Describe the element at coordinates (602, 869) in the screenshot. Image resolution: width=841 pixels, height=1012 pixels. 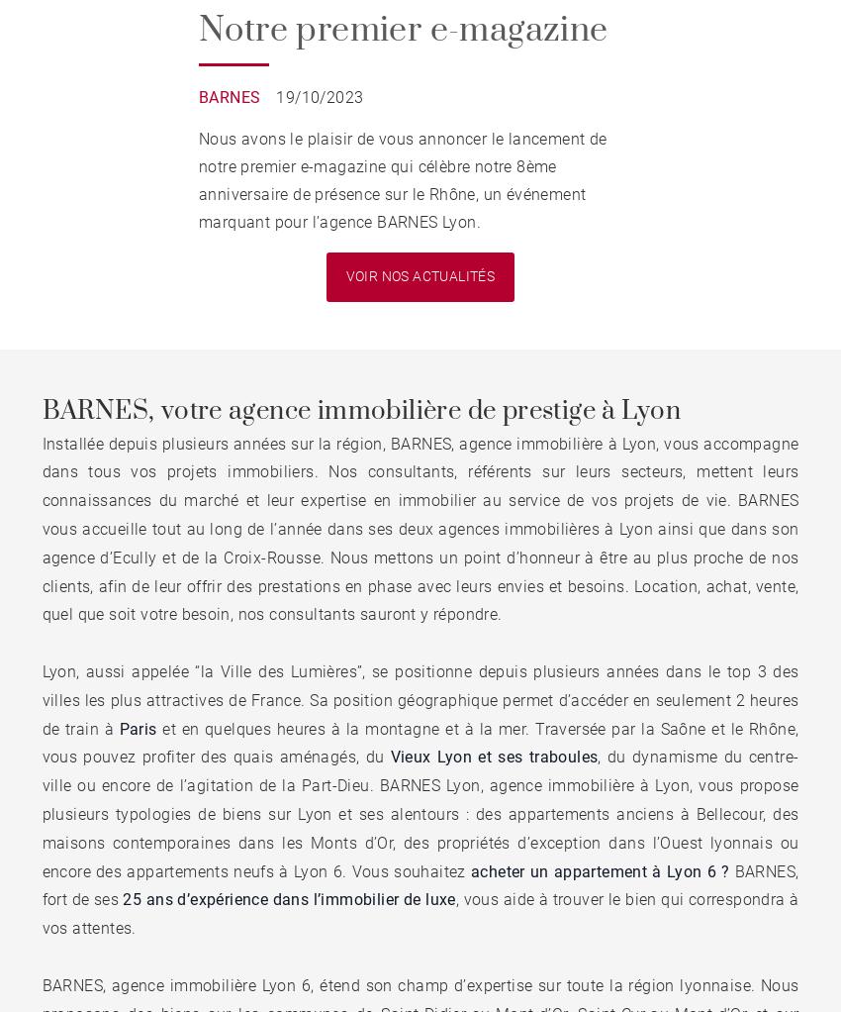
I see `'acheter un appartement à Lyon 6 ?'` at that location.